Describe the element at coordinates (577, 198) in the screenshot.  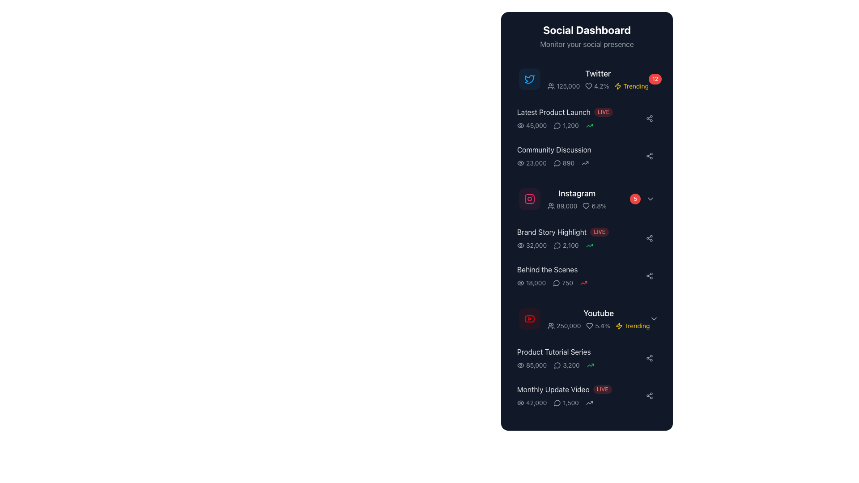
I see `the 'Instagram' text label with accompanying icons, which includes the text '89,000' and '6.8%', positioned below 'Community Discussion' and above 'Brand Story Highlight'` at that location.